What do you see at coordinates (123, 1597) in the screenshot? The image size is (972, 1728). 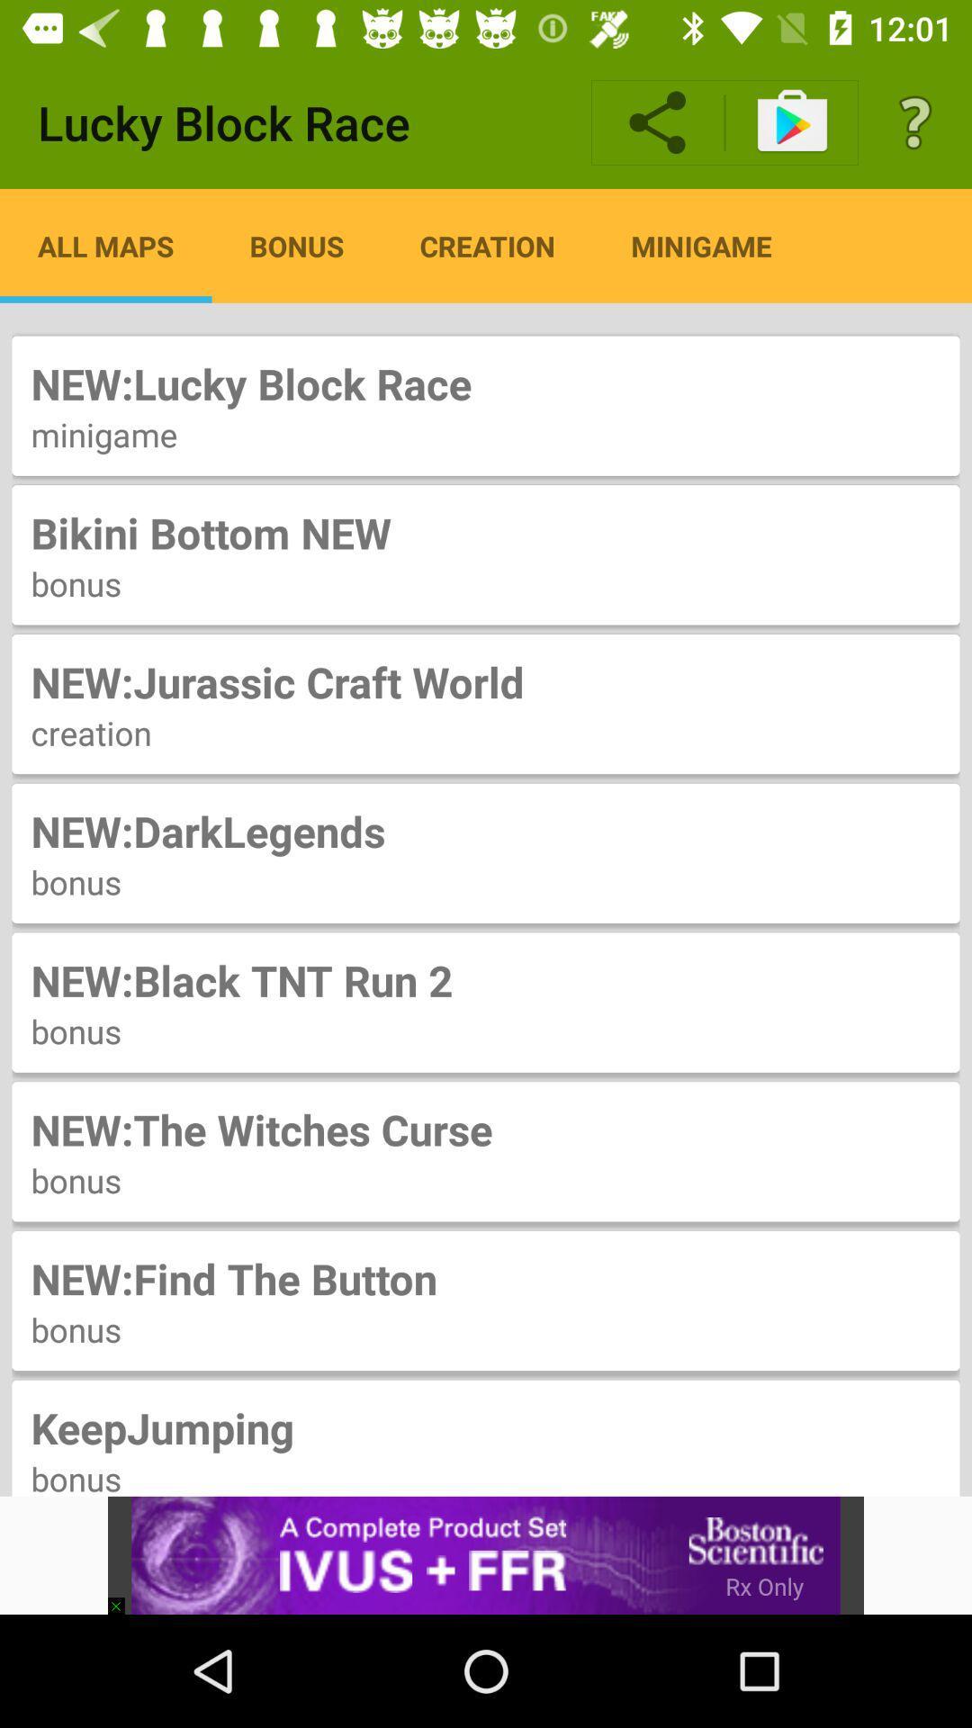 I see `the item at the bottom left corner` at bounding box center [123, 1597].